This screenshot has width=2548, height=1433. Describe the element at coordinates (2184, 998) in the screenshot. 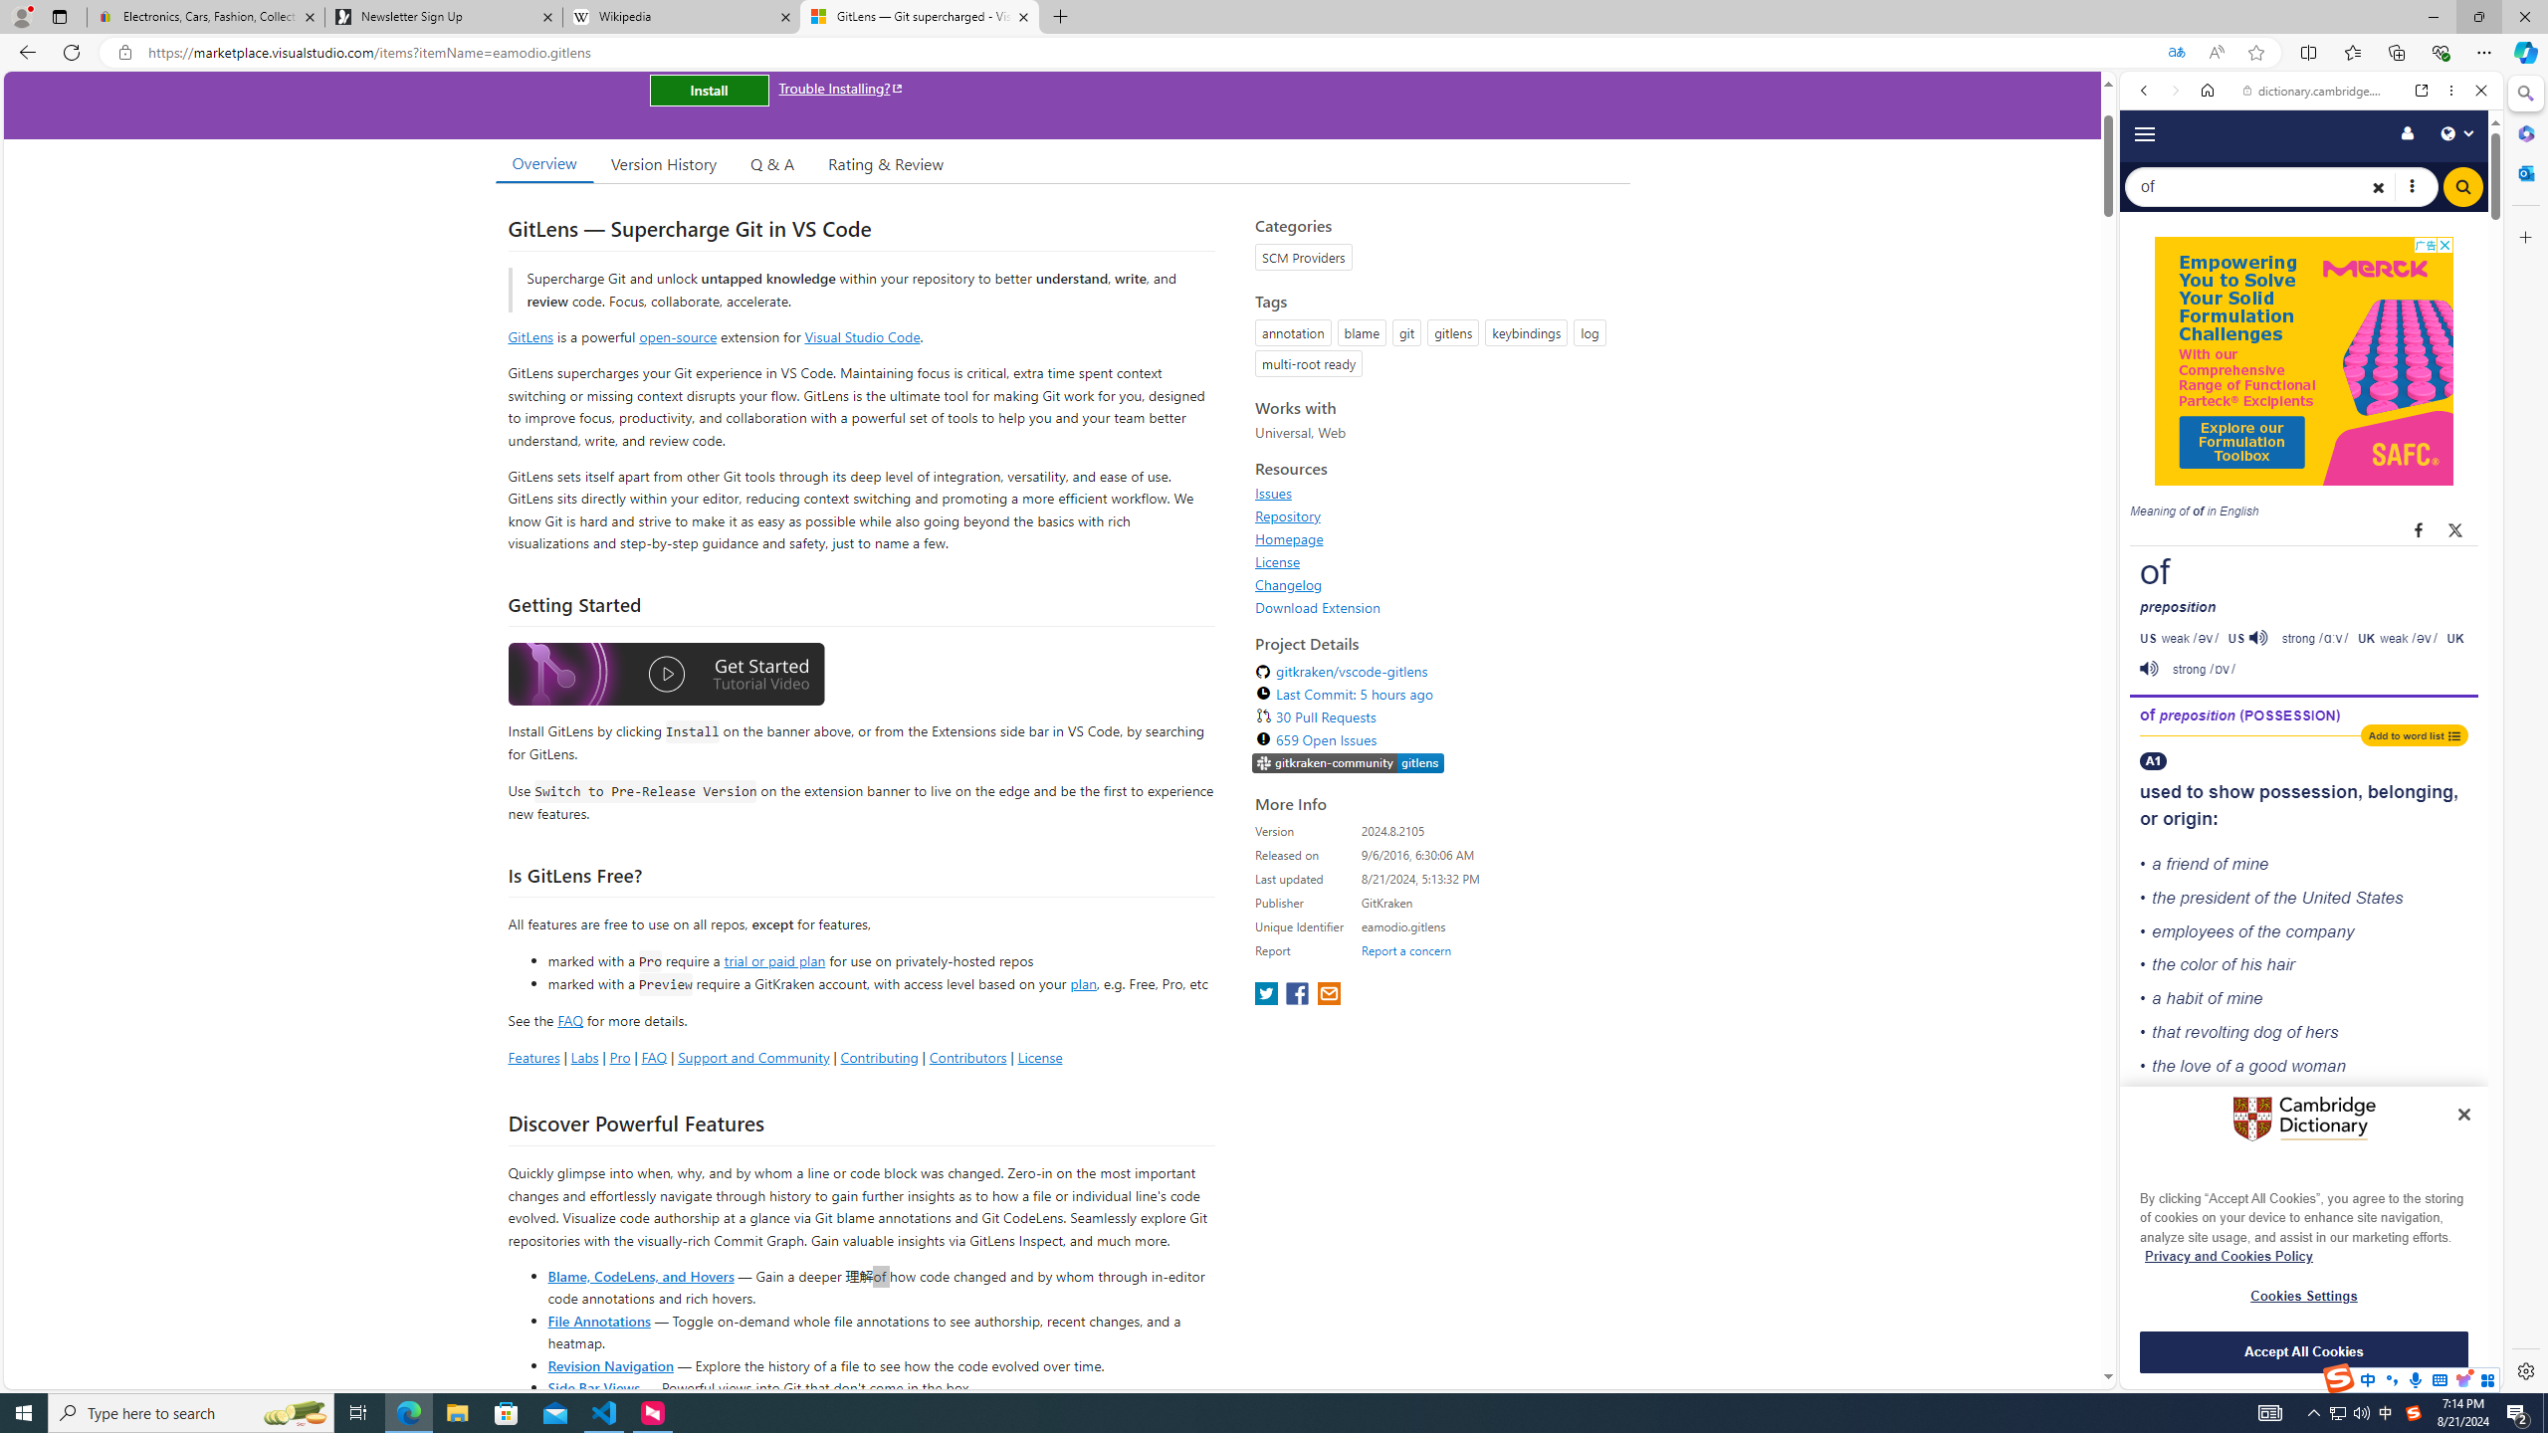

I see `'habit'` at that location.